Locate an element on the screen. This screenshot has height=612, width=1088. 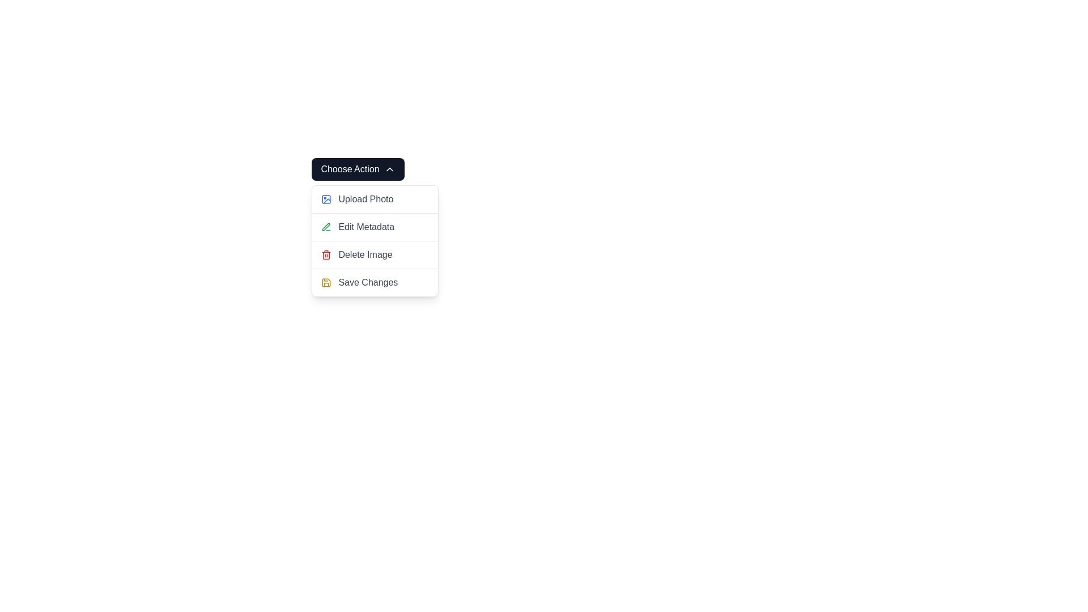
the 'Save Changes' button located at the bottom of the 'Choose Action' dropdown menu, which features a yellow save icon and gray text is located at coordinates (375, 282).